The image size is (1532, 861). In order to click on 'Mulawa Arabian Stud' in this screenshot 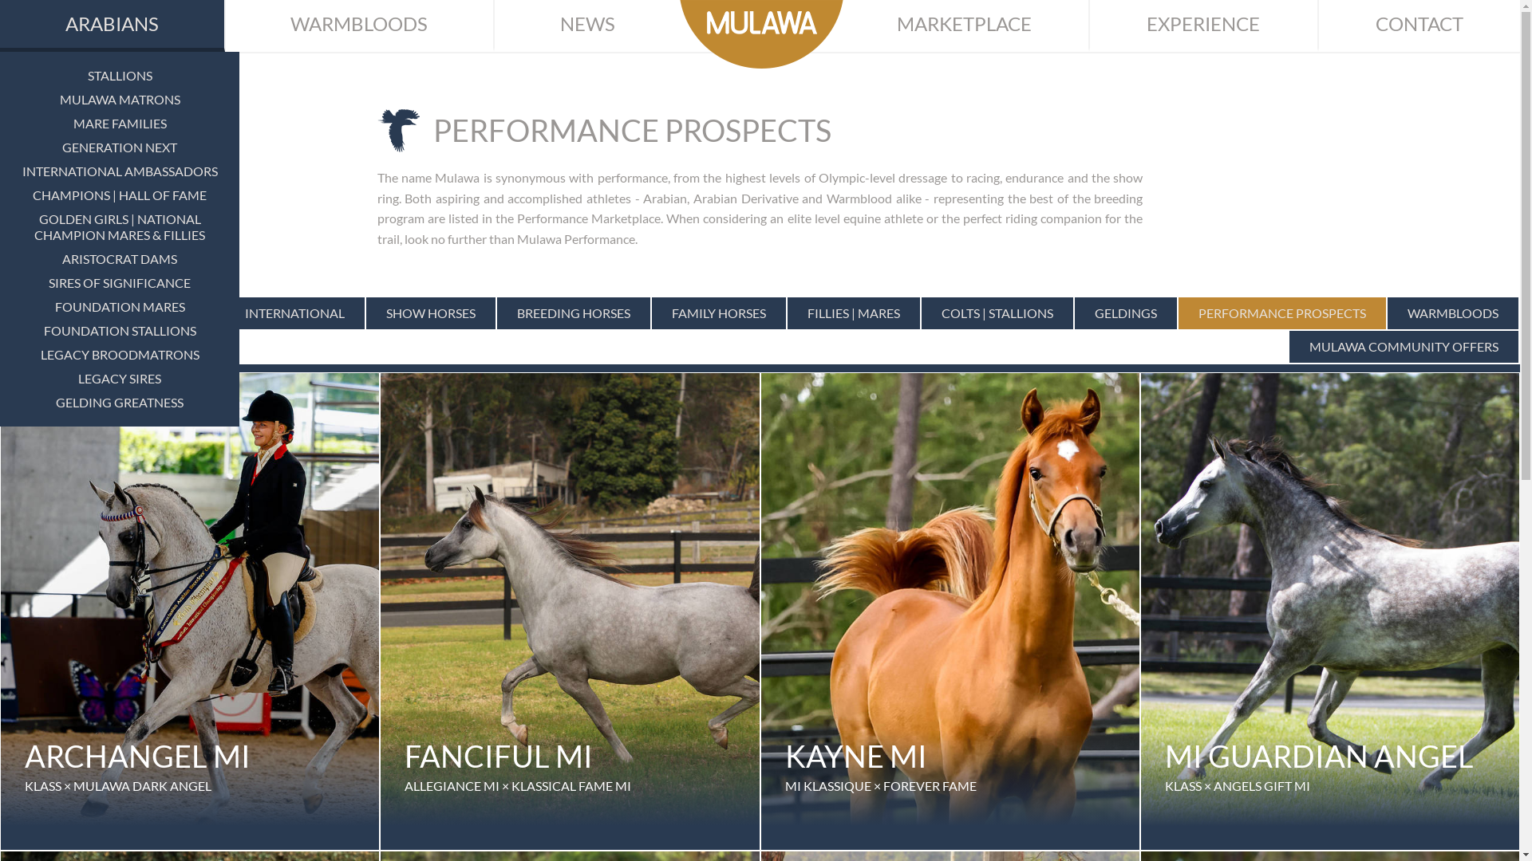, I will do `click(760, 33)`.